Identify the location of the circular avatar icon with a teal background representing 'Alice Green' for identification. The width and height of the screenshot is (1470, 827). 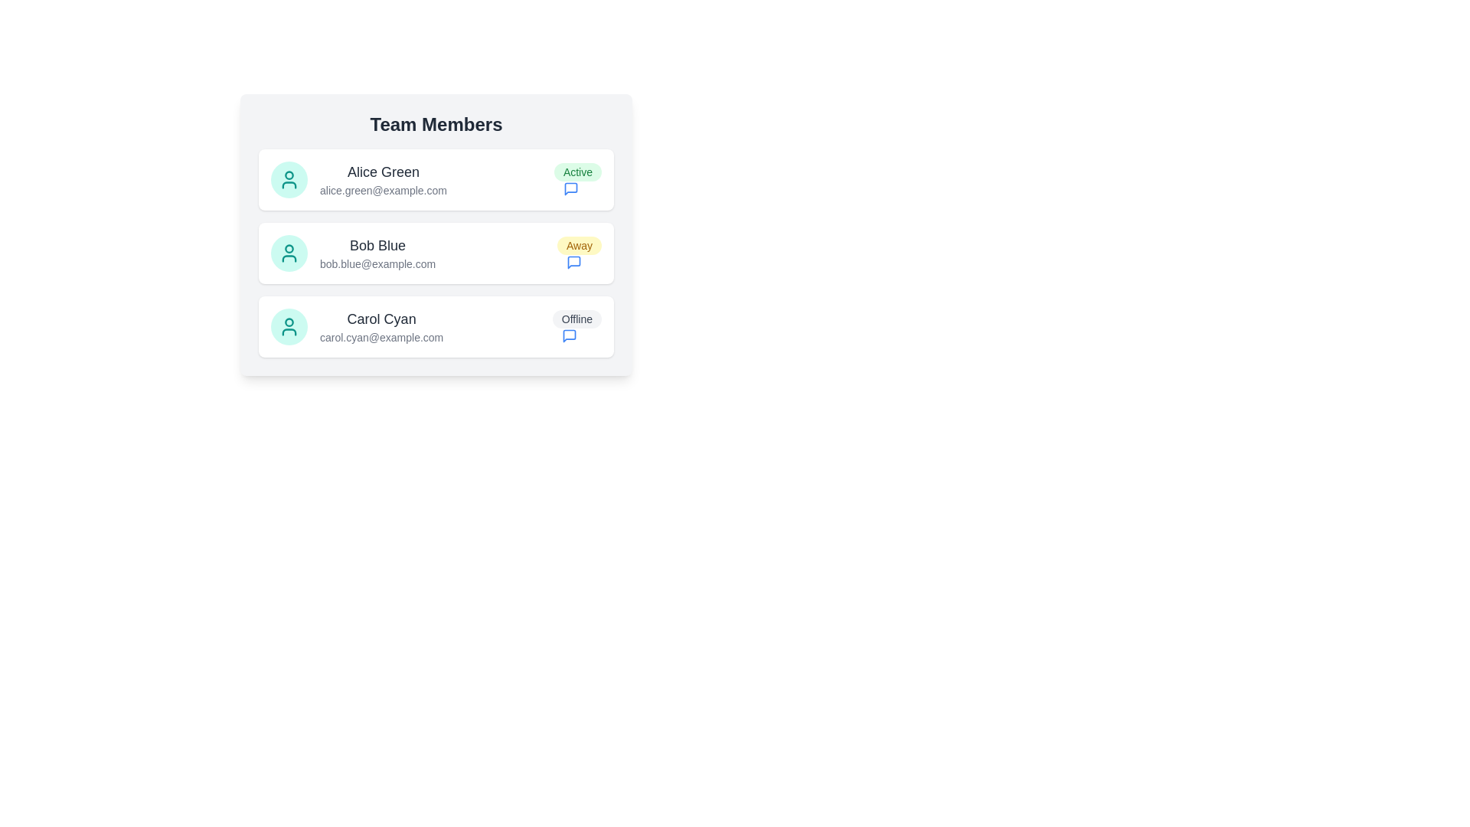
(289, 179).